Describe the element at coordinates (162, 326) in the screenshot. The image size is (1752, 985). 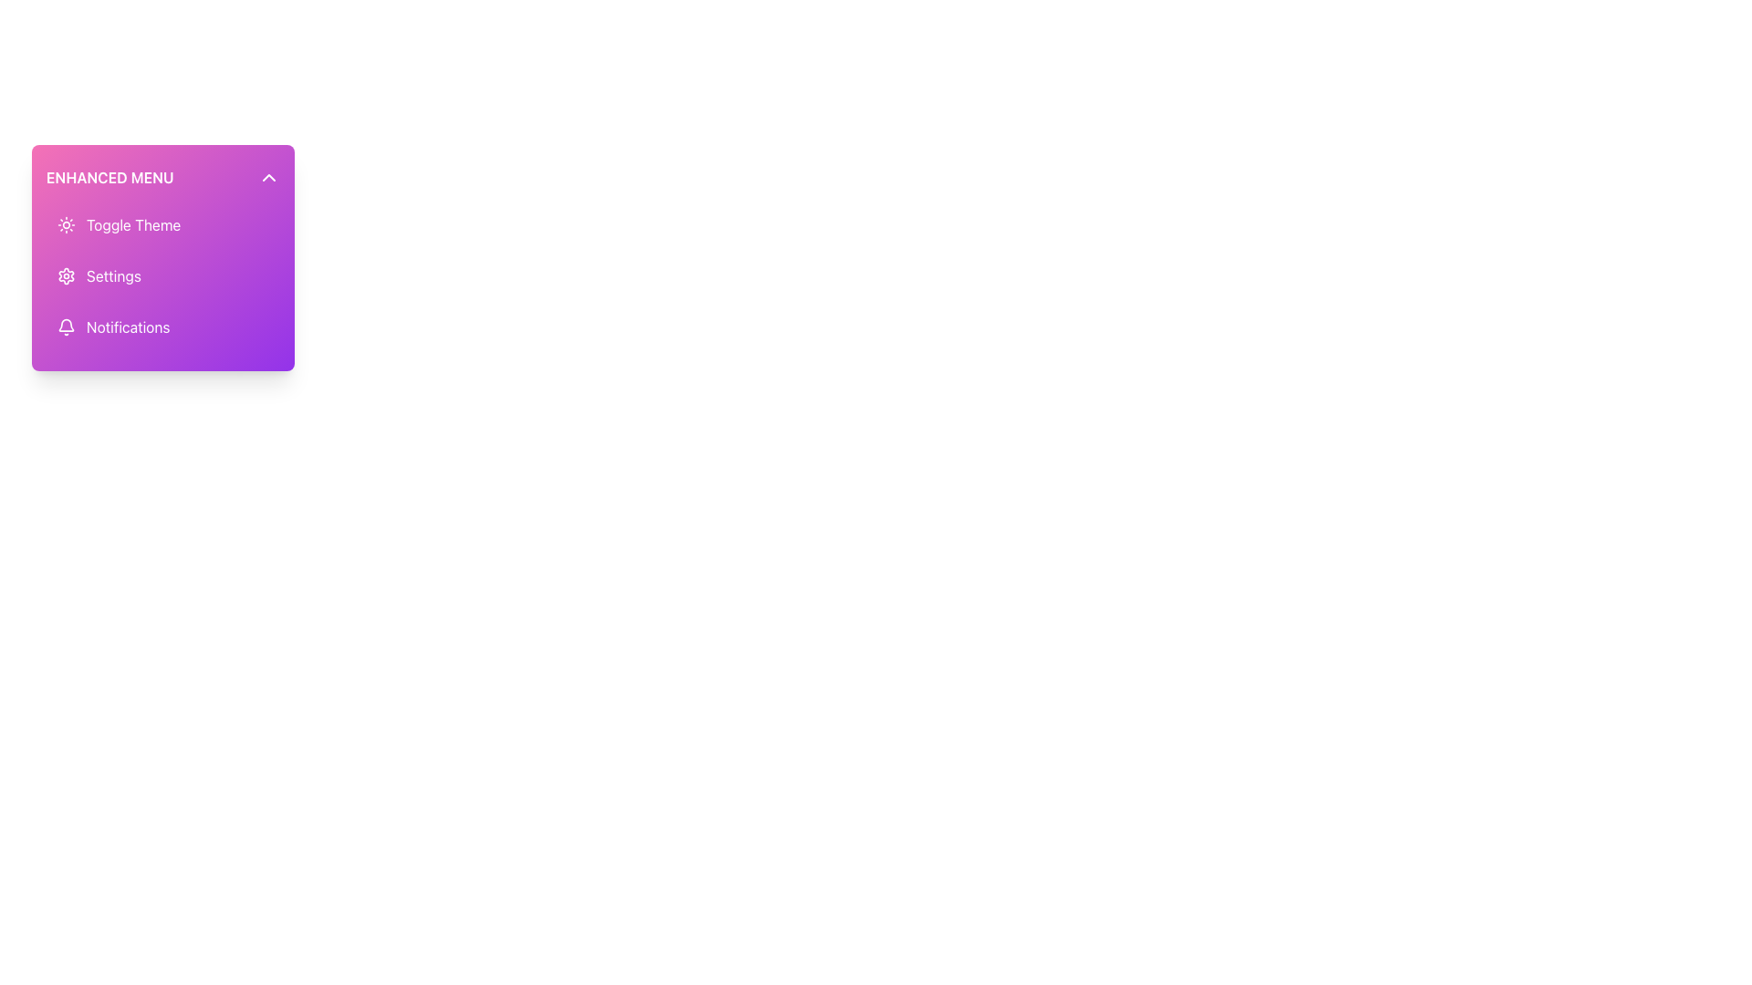
I see `'Notifications' button, which is a horizontal button with a bell icon and white text, located at the bottom of the menu, to view its properties` at that location.